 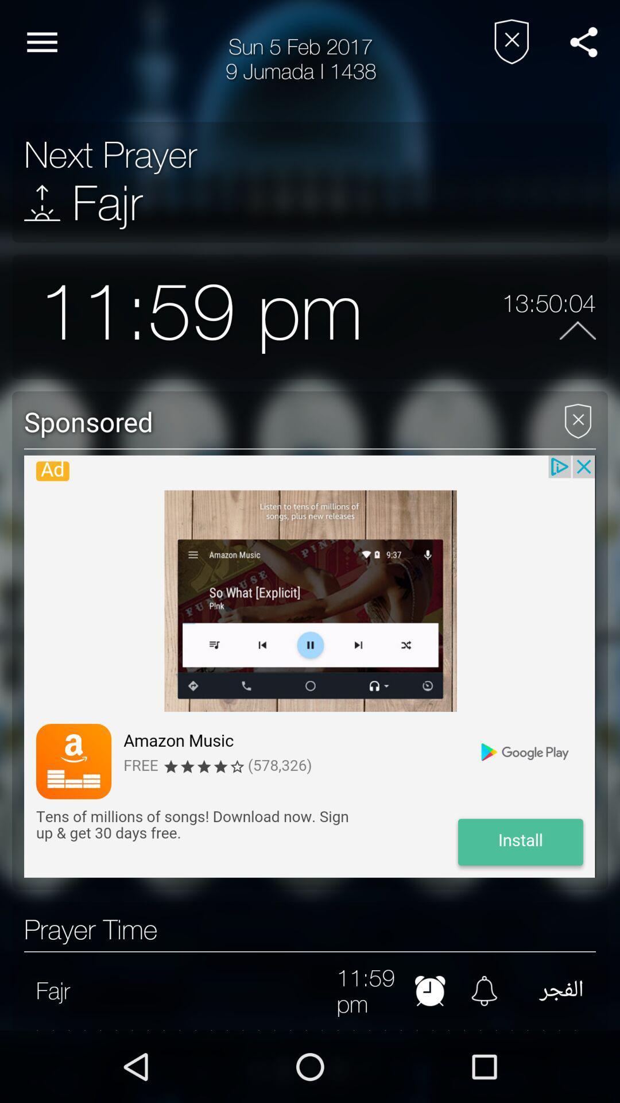 What do you see at coordinates (110, 154) in the screenshot?
I see `the icon above fajr` at bounding box center [110, 154].